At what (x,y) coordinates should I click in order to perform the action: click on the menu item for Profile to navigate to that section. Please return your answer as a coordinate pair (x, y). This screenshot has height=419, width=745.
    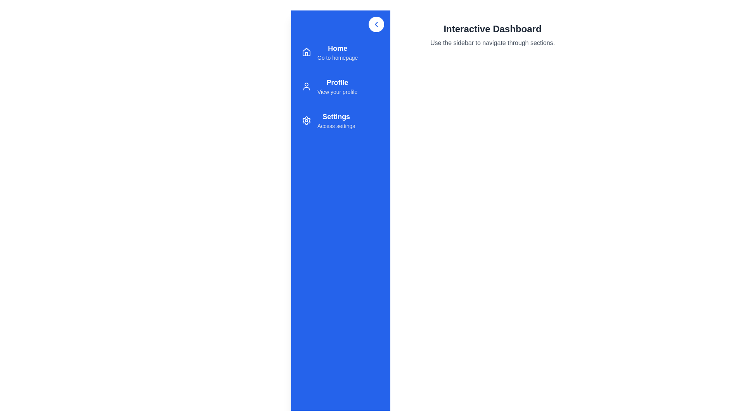
    Looking at the image, I should click on (341, 87).